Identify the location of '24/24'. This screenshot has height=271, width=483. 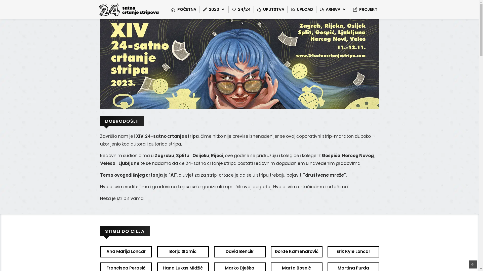
(241, 9).